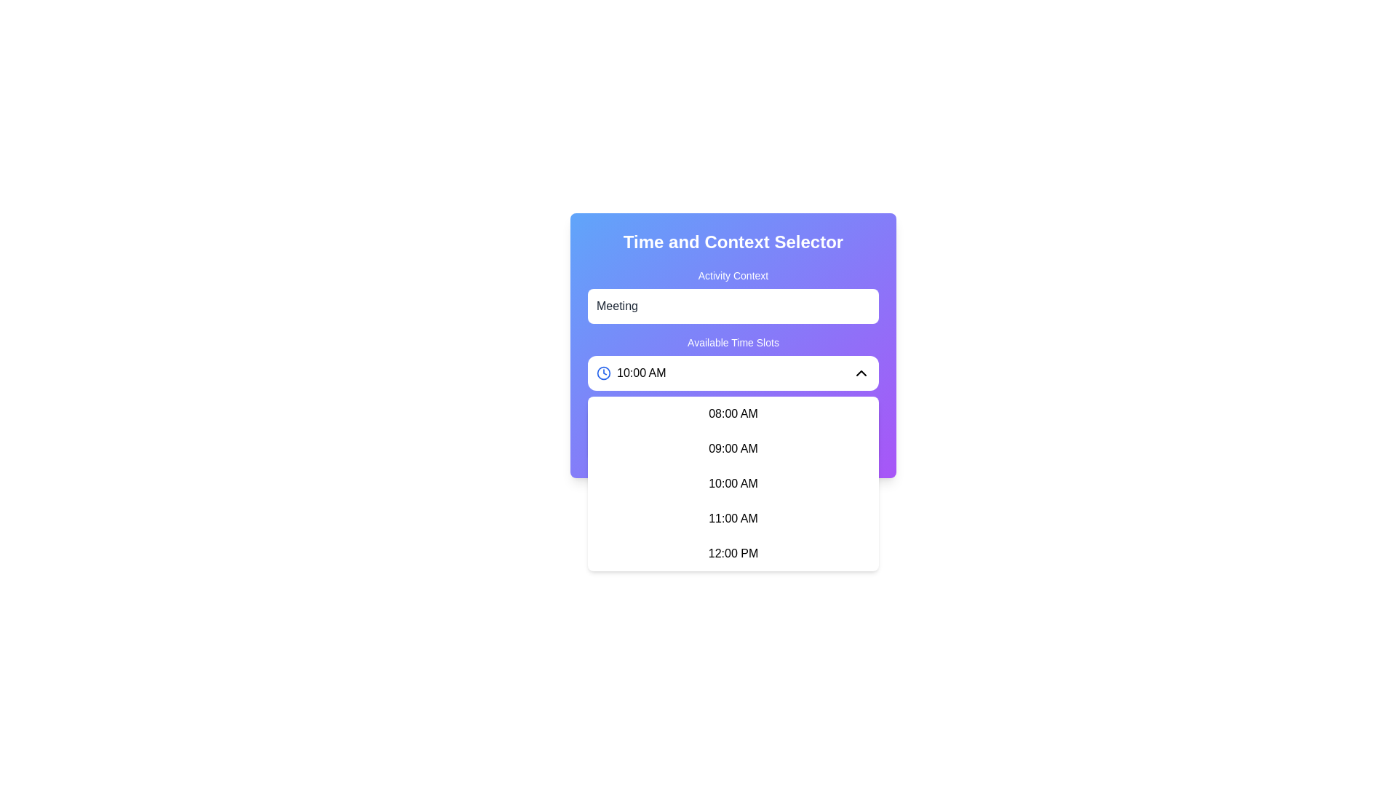 The width and height of the screenshot is (1397, 786). I want to click on the time slot labeled '11:00 AM' in the dropdown menu, so click(733, 518).